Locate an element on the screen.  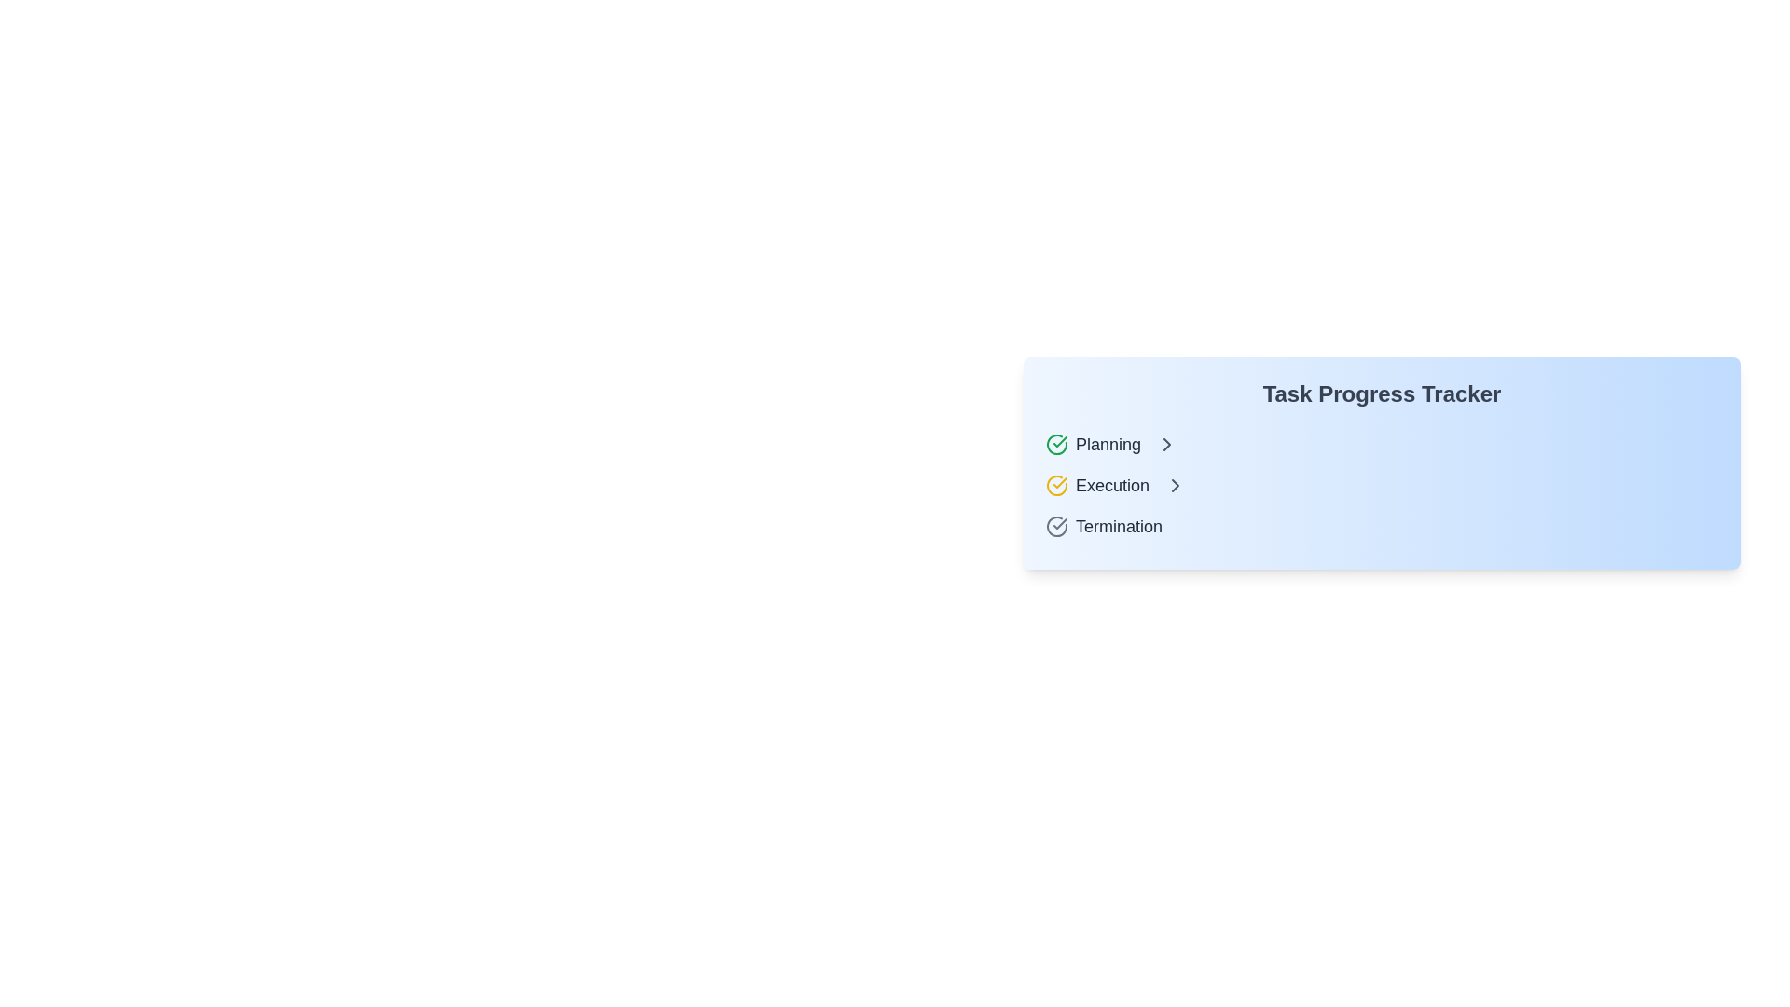
the arrow icon indicating that the 'Execution' stage can be expanded, located to the immediate right of the 'Execution' label in the task progress tracker interface is located at coordinates (1175, 484).